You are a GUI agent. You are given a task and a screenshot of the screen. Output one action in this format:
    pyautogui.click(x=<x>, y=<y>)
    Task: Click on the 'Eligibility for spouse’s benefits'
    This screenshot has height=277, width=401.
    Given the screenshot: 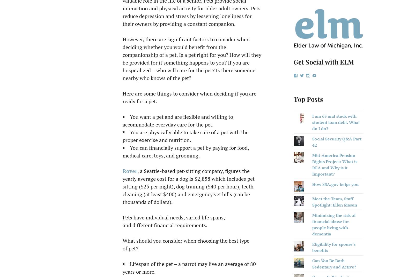 What is the action you would take?
    pyautogui.click(x=333, y=247)
    